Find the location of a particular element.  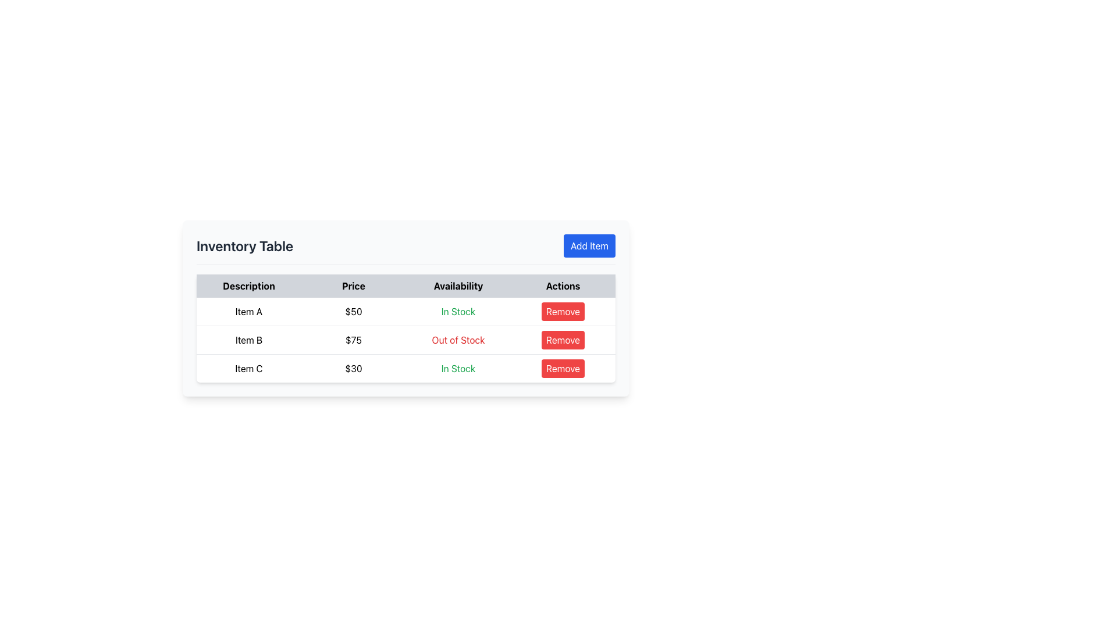

text from the second header in the table, which indicates pricing information and is positioned between 'Description' and 'Availability' is located at coordinates (353, 286).